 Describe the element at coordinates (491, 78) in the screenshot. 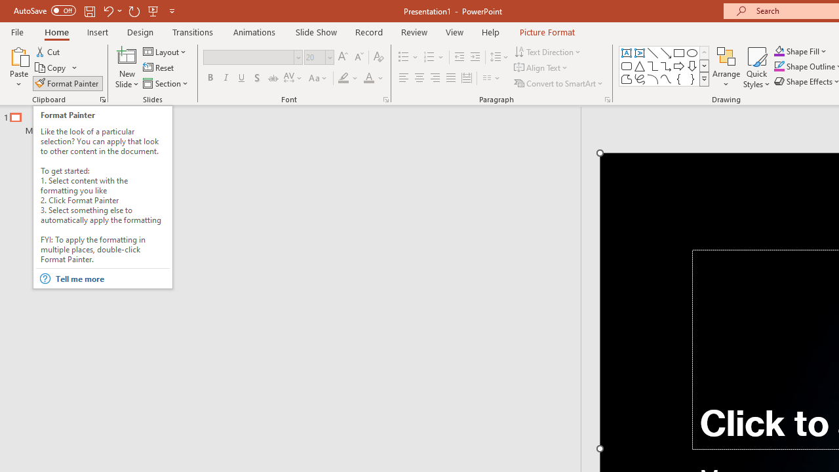

I see `'Columns'` at that location.